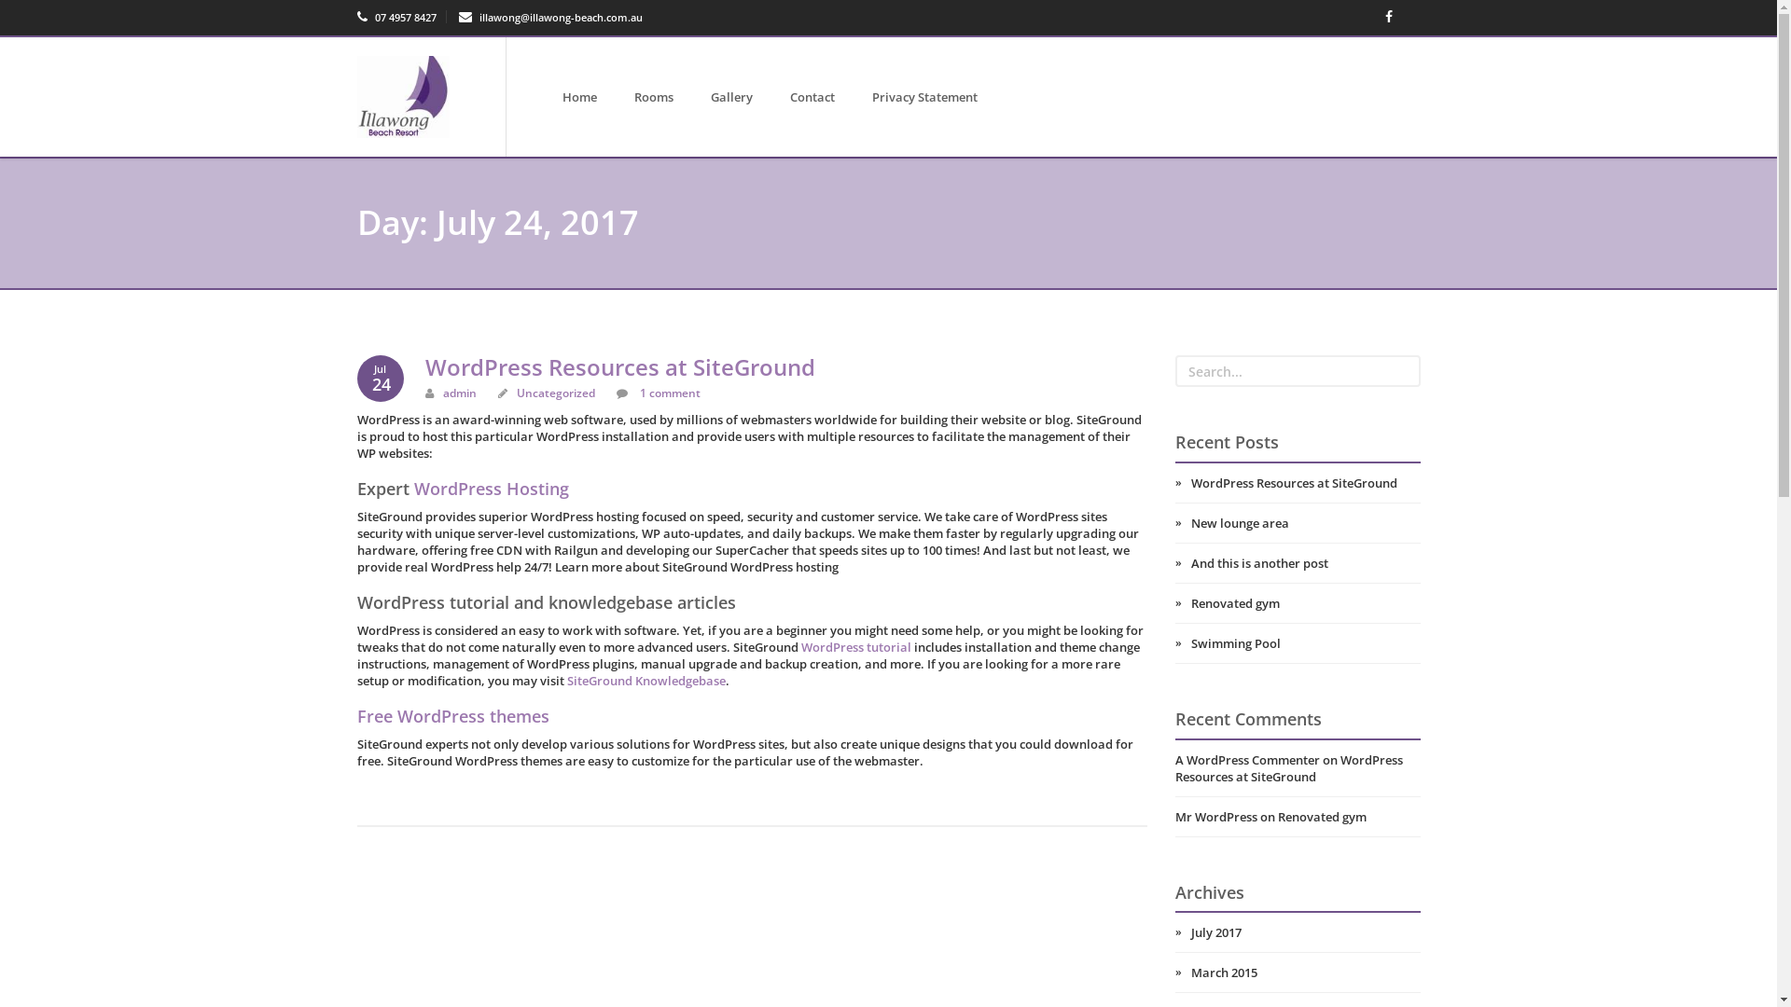 The height and width of the screenshot is (1007, 1791). Describe the element at coordinates (1247, 759) in the screenshot. I see `'A WordPress Commenter'` at that location.